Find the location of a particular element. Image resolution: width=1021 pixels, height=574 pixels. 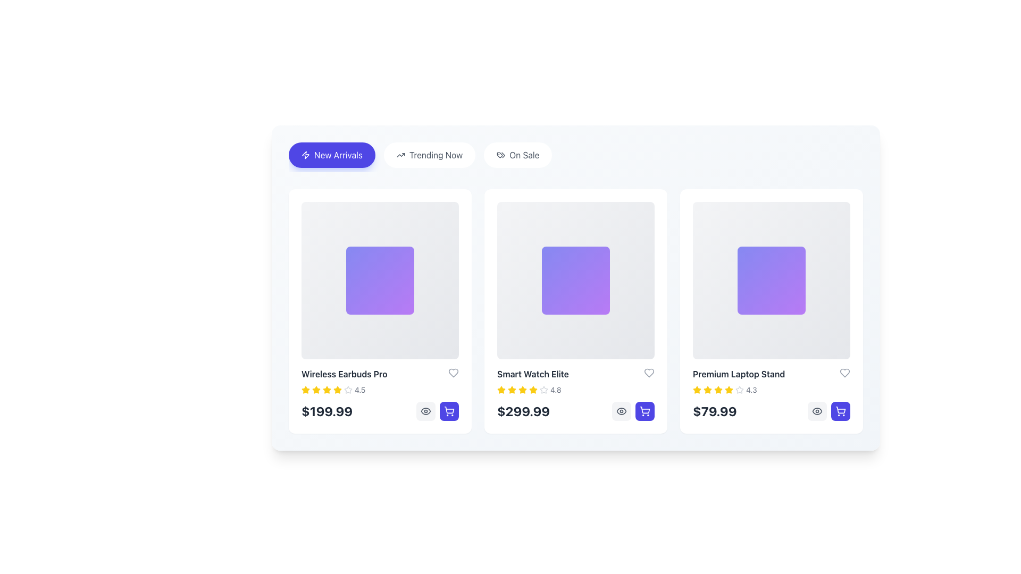

the Rating Indicator for the 'Smart Watch Elite' is located at coordinates (575, 390).